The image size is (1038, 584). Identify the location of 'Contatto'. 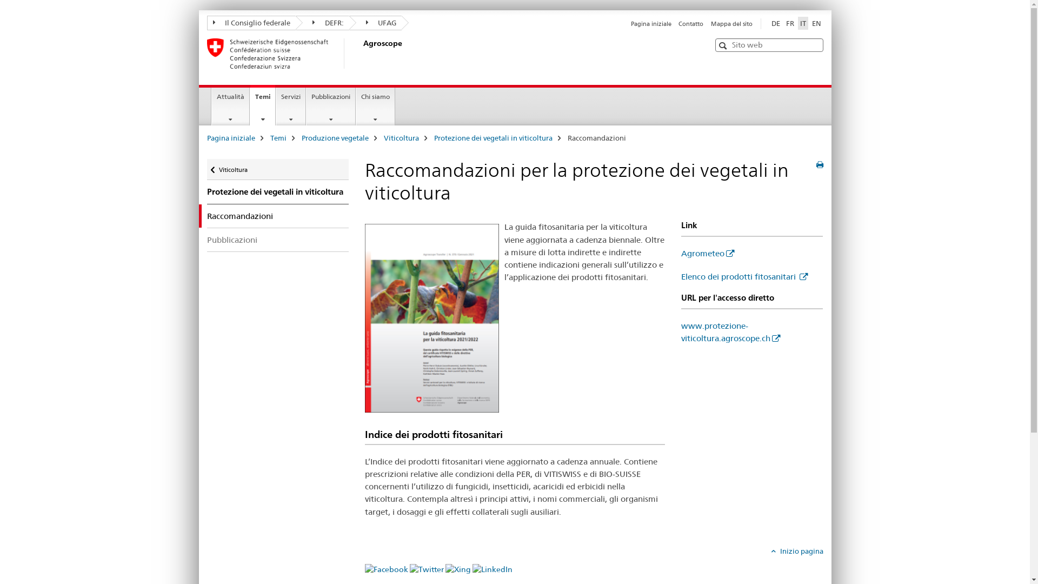
(690, 23).